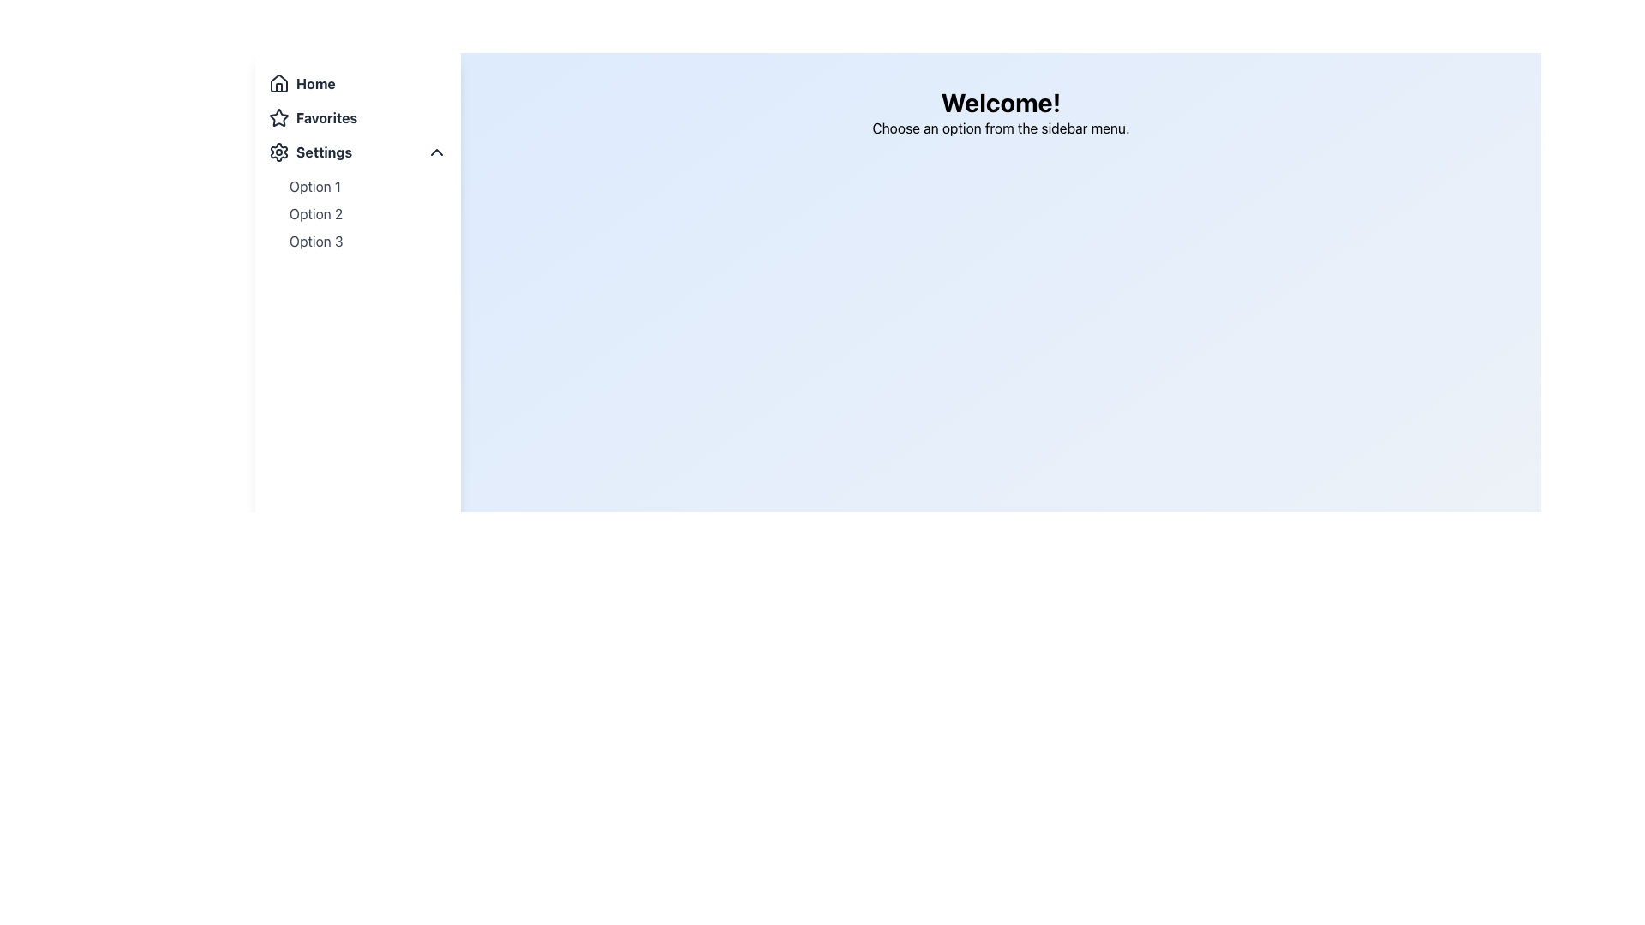 The width and height of the screenshot is (1645, 925). What do you see at coordinates (279, 83) in the screenshot?
I see `the home icon located at the top-left part of the navigation menu` at bounding box center [279, 83].